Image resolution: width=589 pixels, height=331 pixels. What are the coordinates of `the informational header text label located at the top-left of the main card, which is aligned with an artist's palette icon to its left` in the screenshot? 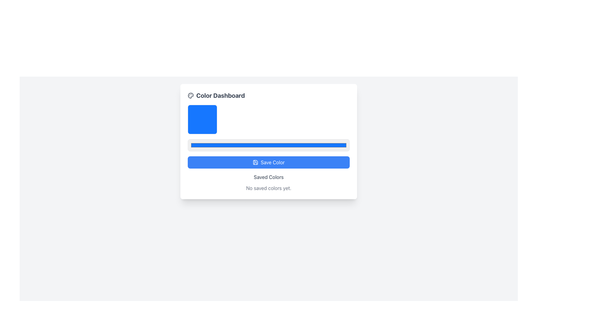 It's located at (216, 96).